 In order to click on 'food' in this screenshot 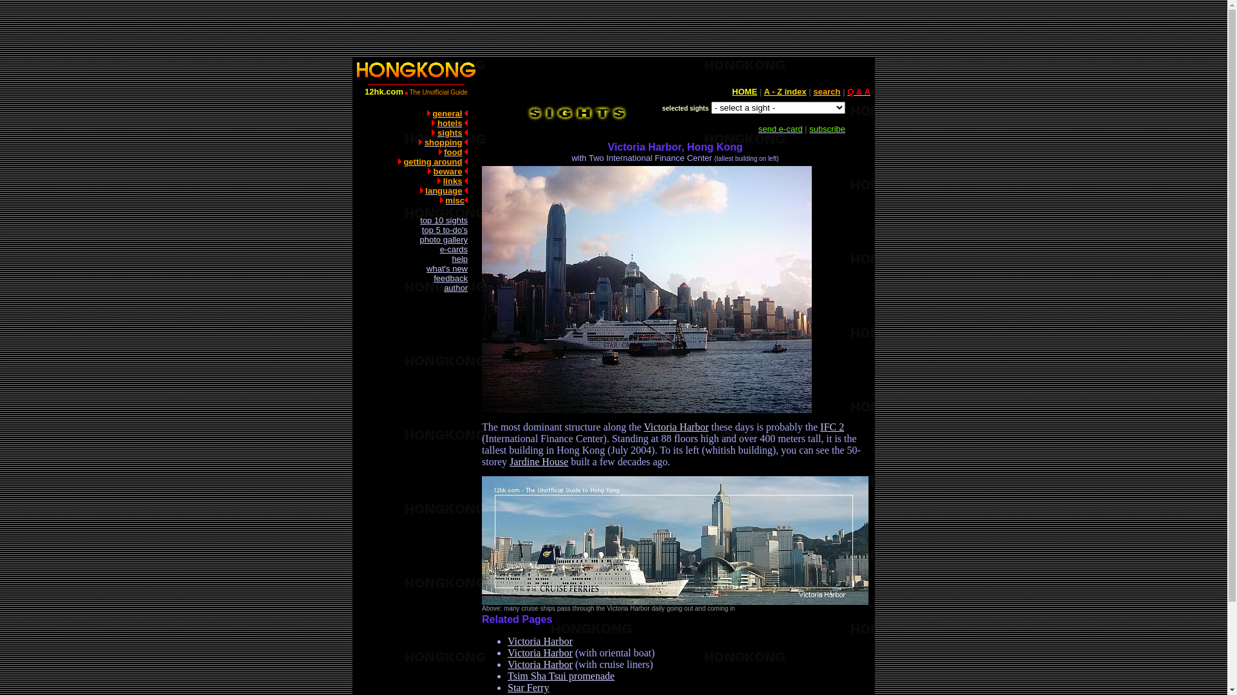, I will do `click(444, 151)`.